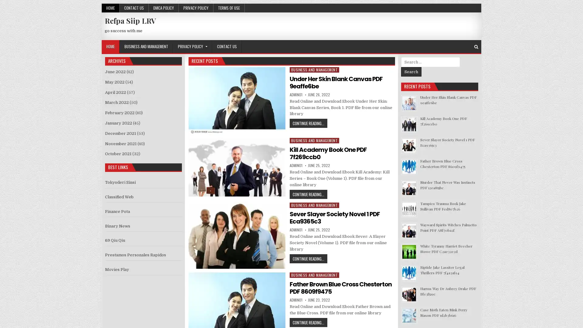  What do you see at coordinates (411, 71) in the screenshot?
I see `Search` at bounding box center [411, 71].